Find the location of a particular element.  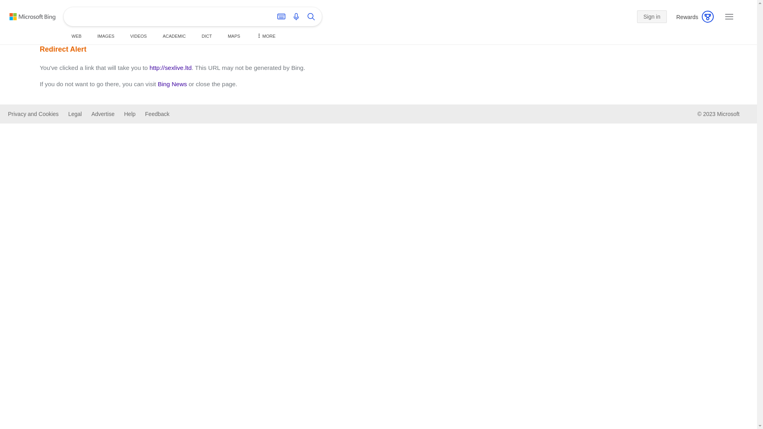

'Sign in' is located at coordinates (637, 17).